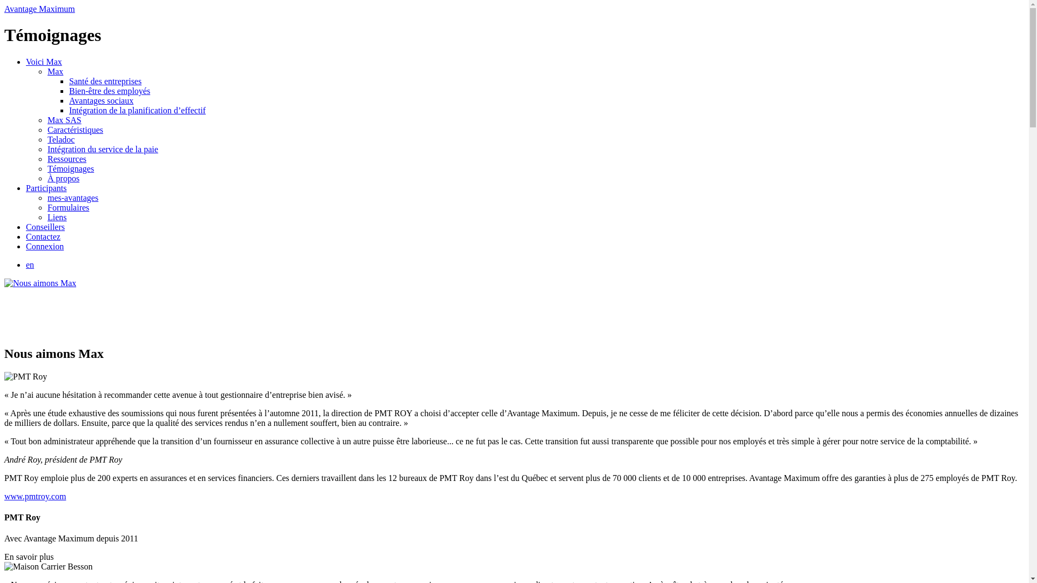 The image size is (1037, 583). Describe the element at coordinates (40, 282) in the screenshot. I see `'Nous aimons Max'` at that location.